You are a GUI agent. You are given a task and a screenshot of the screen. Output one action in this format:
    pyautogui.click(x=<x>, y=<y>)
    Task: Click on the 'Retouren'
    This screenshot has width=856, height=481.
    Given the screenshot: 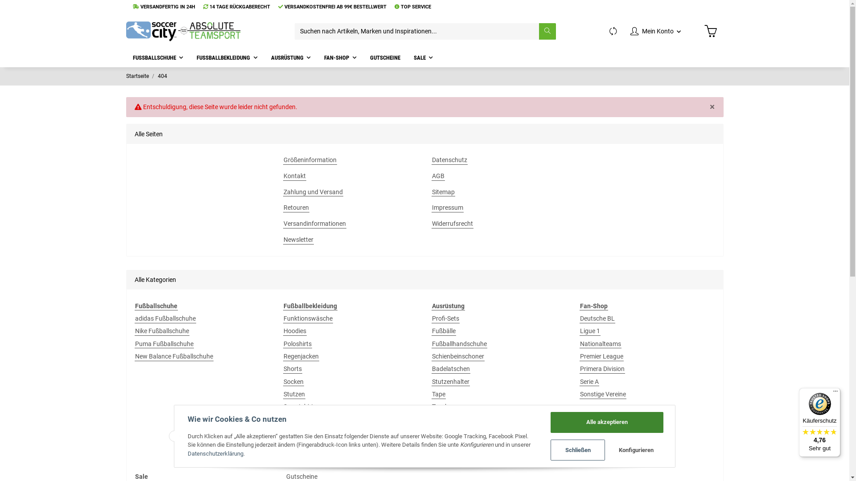 What is the action you would take?
    pyautogui.click(x=296, y=208)
    